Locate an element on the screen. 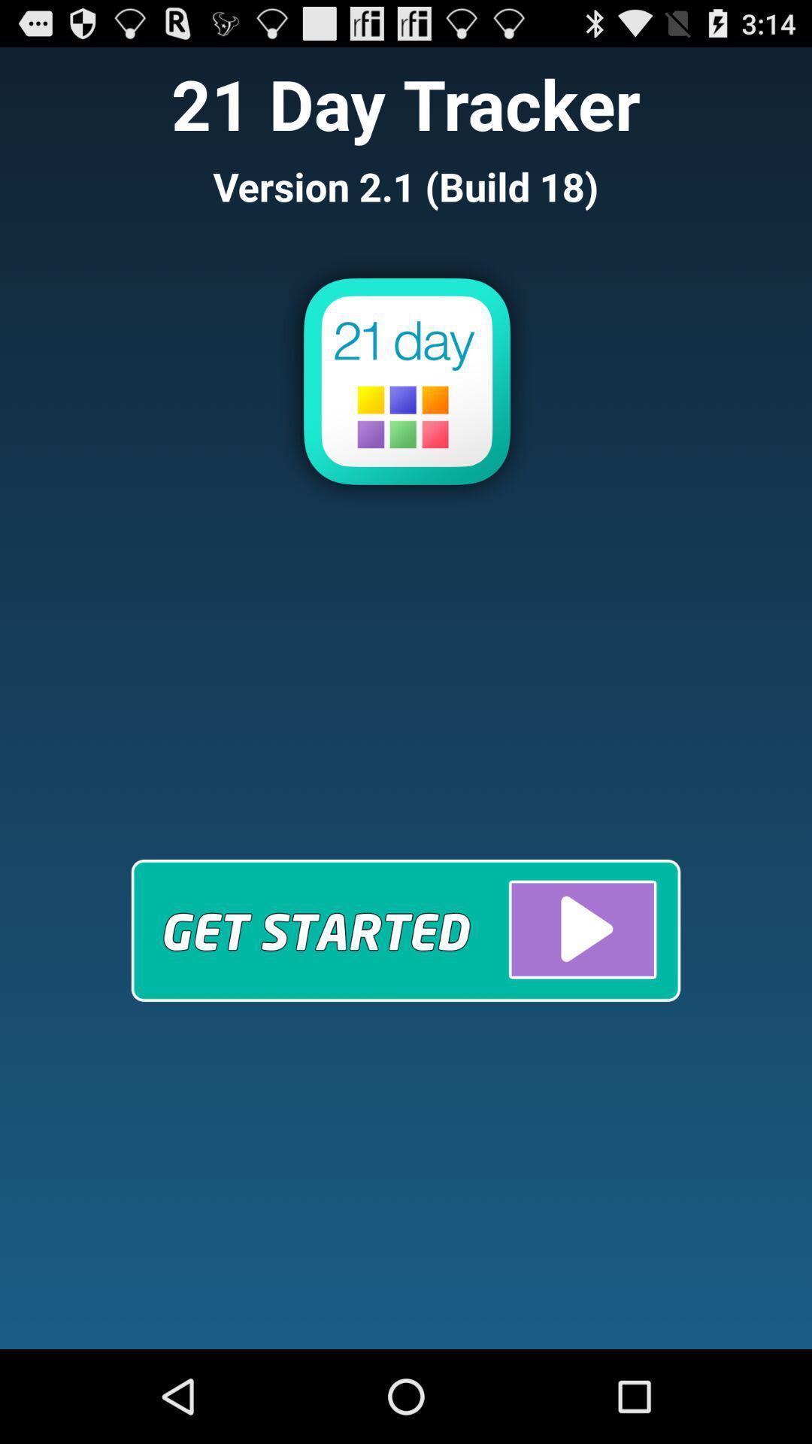 Image resolution: width=812 pixels, height=1444 pixels. get started is located at coordinates (406, 930).